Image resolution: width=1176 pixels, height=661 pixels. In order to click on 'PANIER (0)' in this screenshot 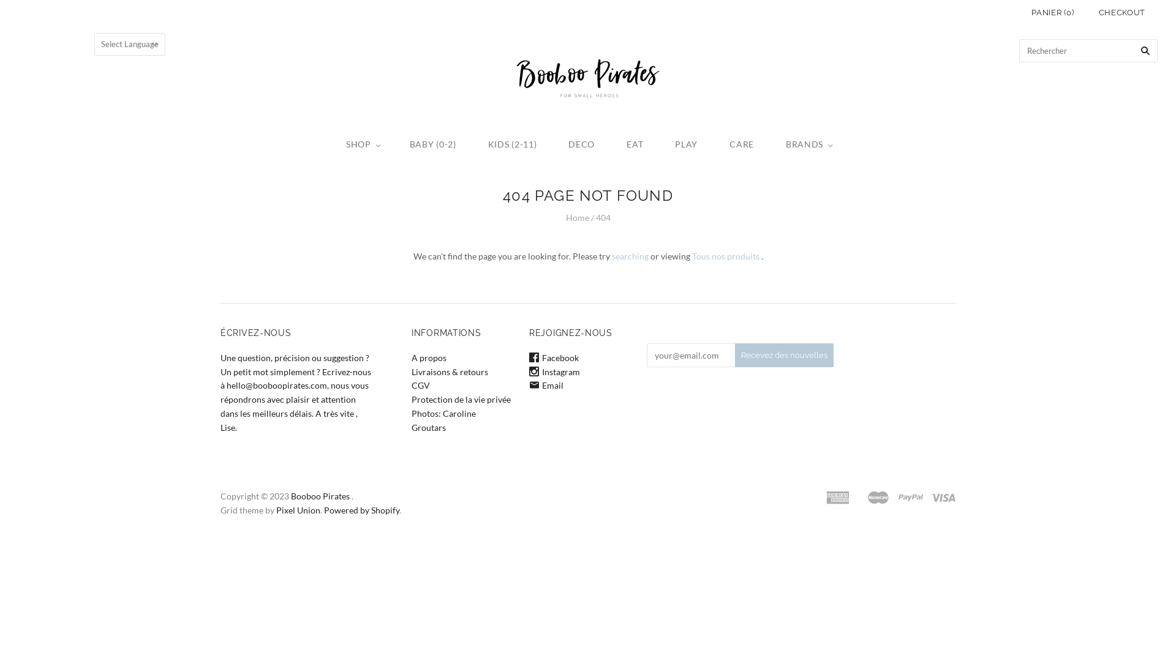, I will do `click(1052, 12)`.